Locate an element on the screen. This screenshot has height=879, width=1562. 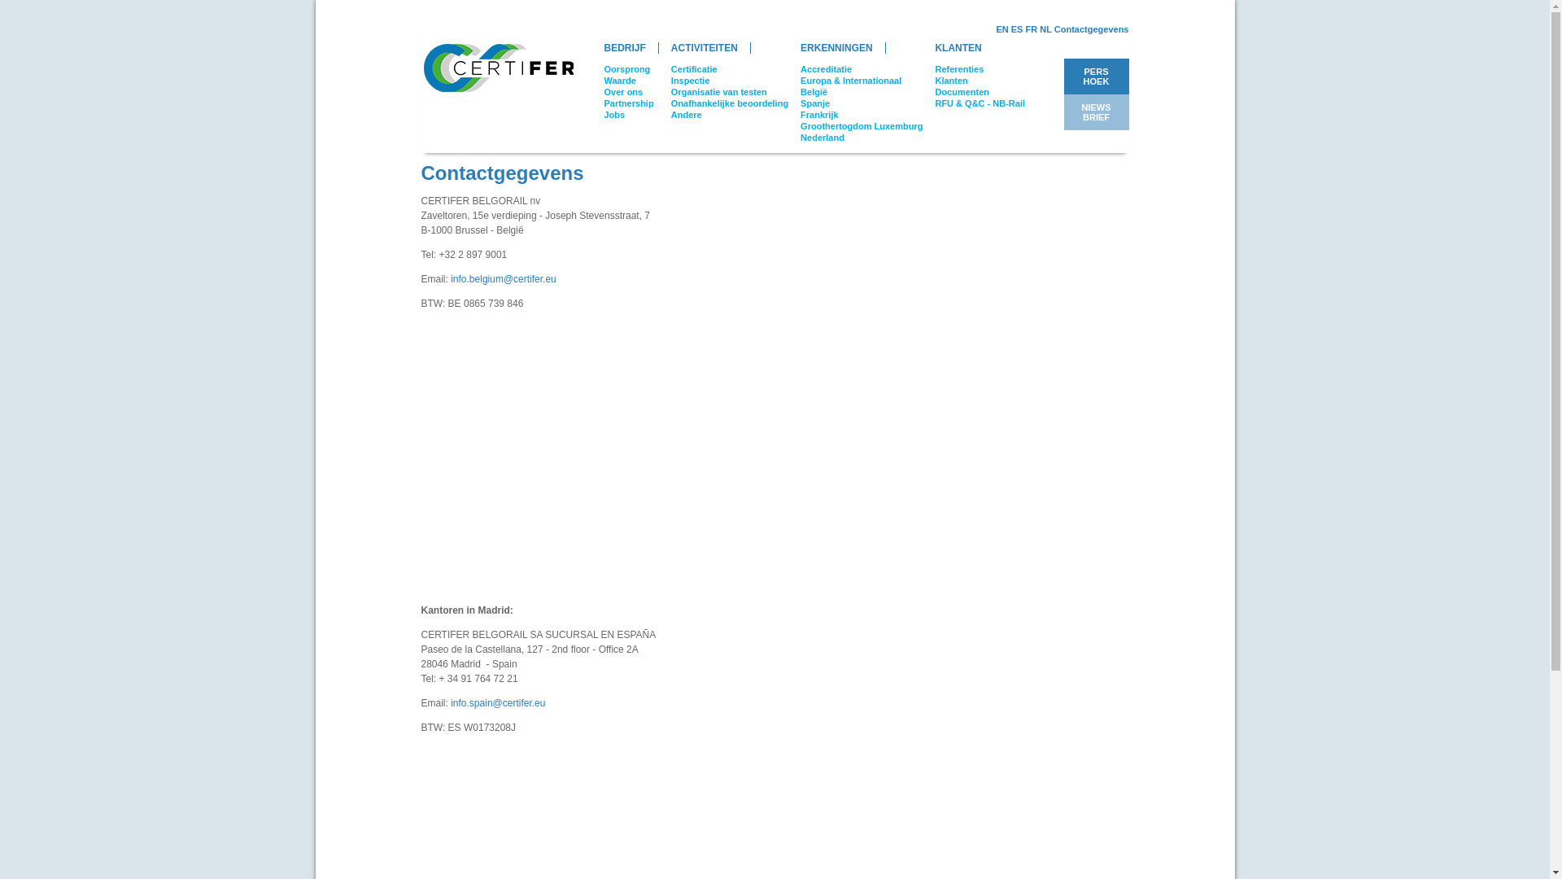
'FR' is located at coordinates (1025, 28).